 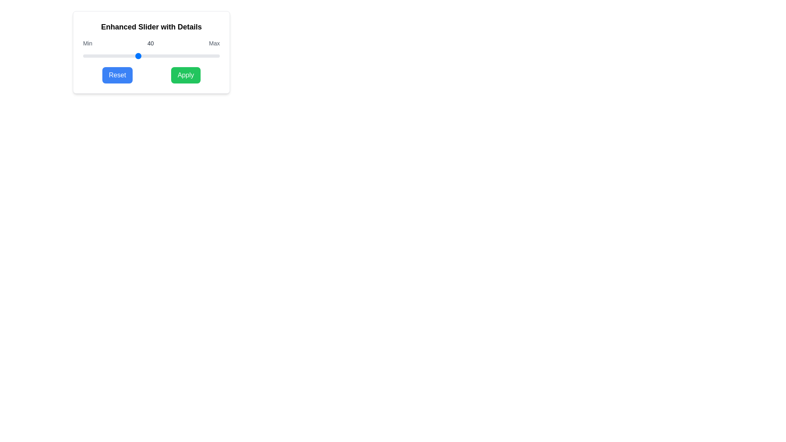 I want to click on the slider, so click(x=114, y=56).